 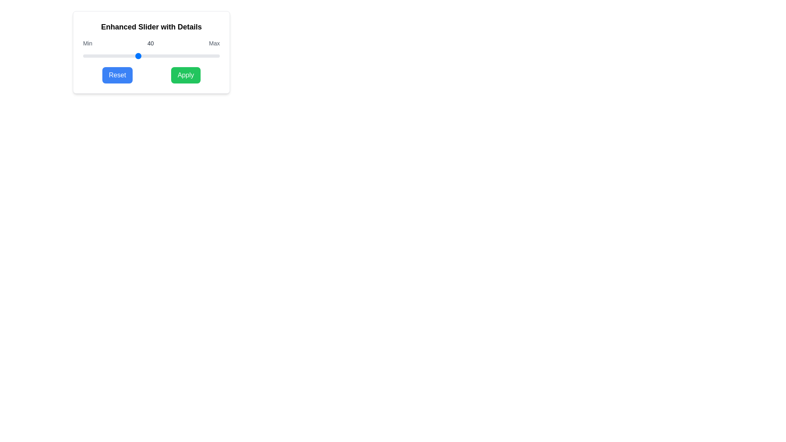 I want to click on the slider, so click(x=114, y=56).